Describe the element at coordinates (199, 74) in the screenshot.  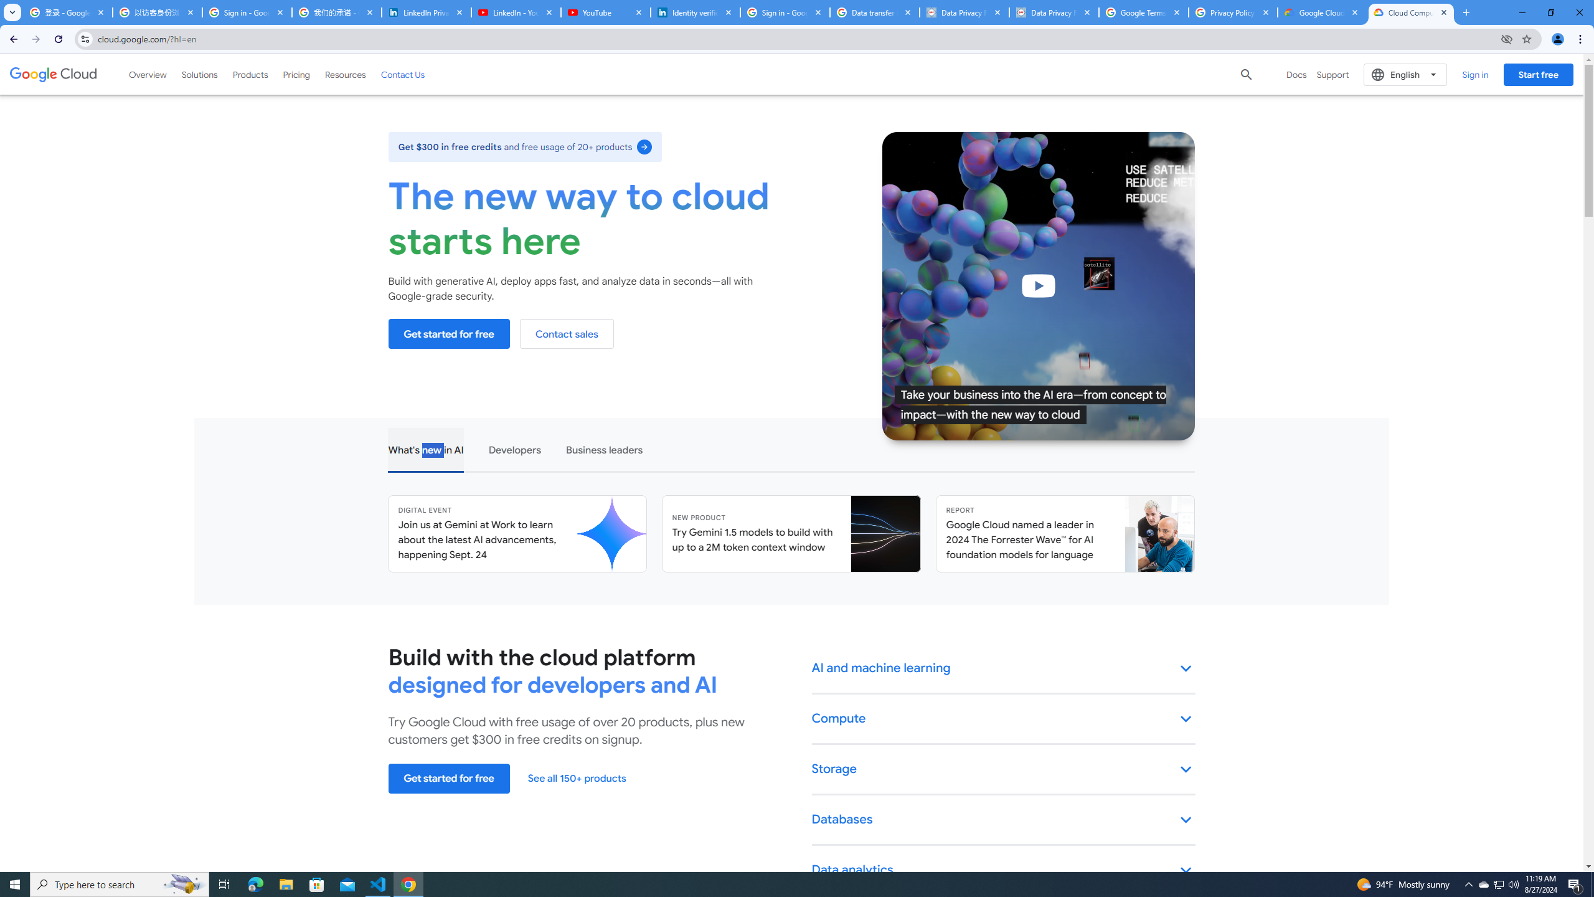
I see `'Solutions'` at that location.